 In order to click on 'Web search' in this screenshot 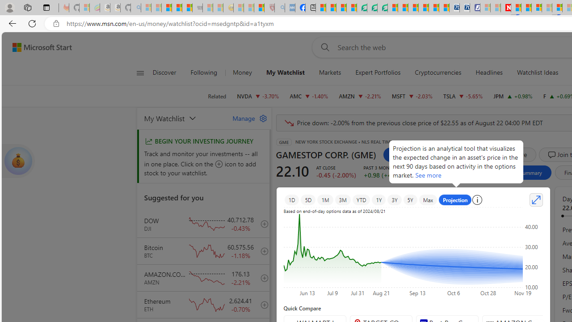, I will do `click(323, 47)`.